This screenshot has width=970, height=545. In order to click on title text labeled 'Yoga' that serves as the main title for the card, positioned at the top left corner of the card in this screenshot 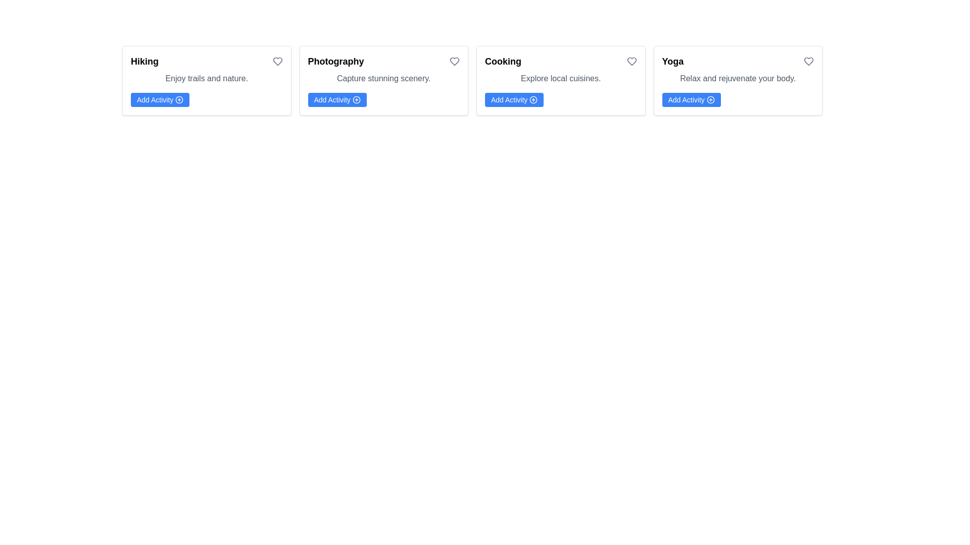, I will do `click(672, 62)`.